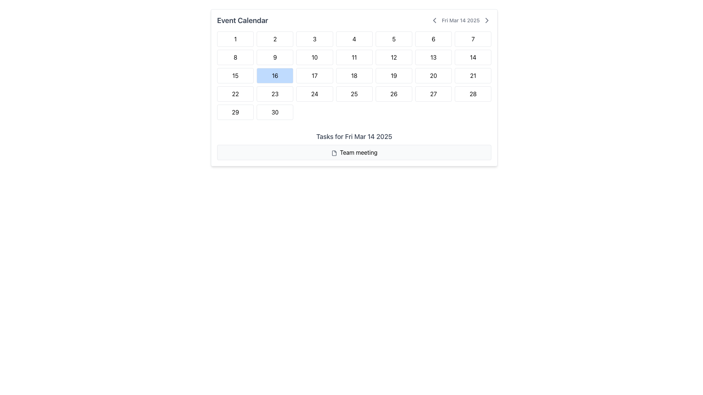 Image resolution: width=703 pixels, height=395 pixels. I want to click on the button representing the second day of the month in the calendar interface, so click(275, 39).